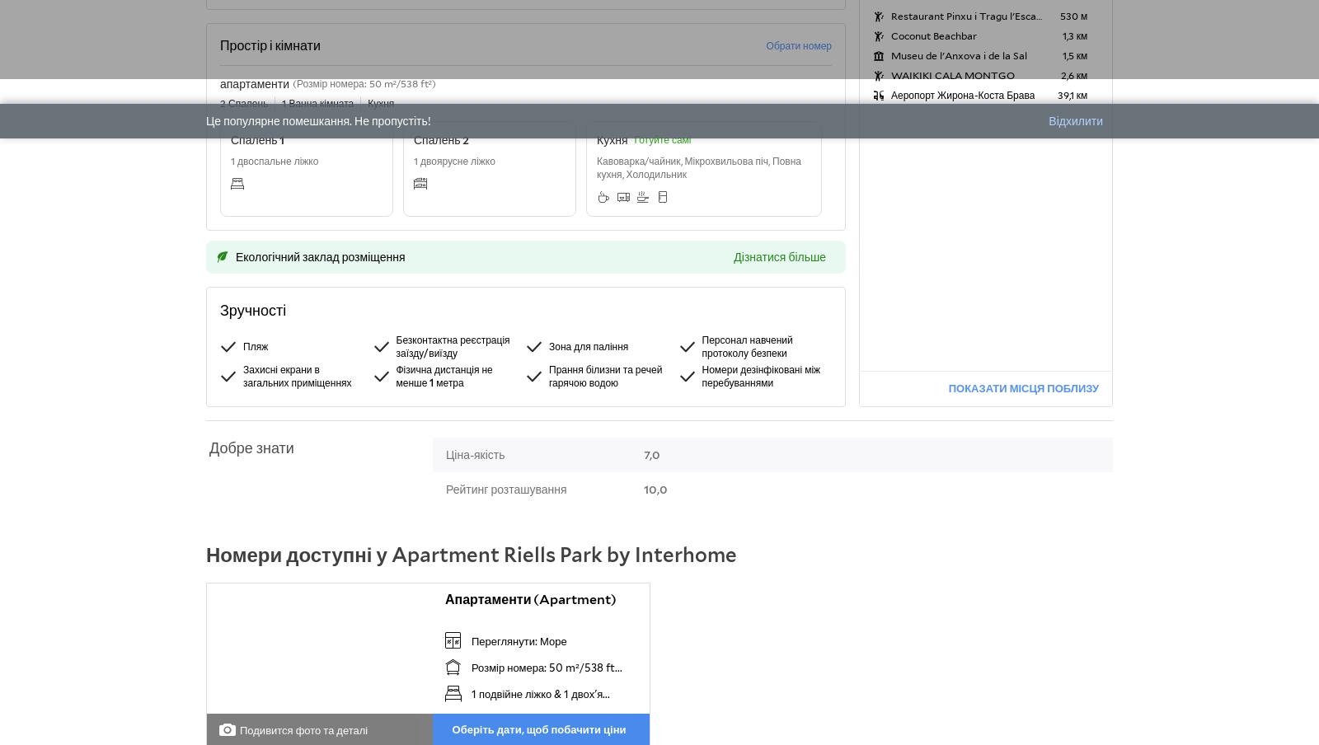 This screenshot has height=745, width=1319. What do you see at coordinates (257, 140) in the screenshot?
I see `'Спалень 1'` at bounding box center [257, 140].